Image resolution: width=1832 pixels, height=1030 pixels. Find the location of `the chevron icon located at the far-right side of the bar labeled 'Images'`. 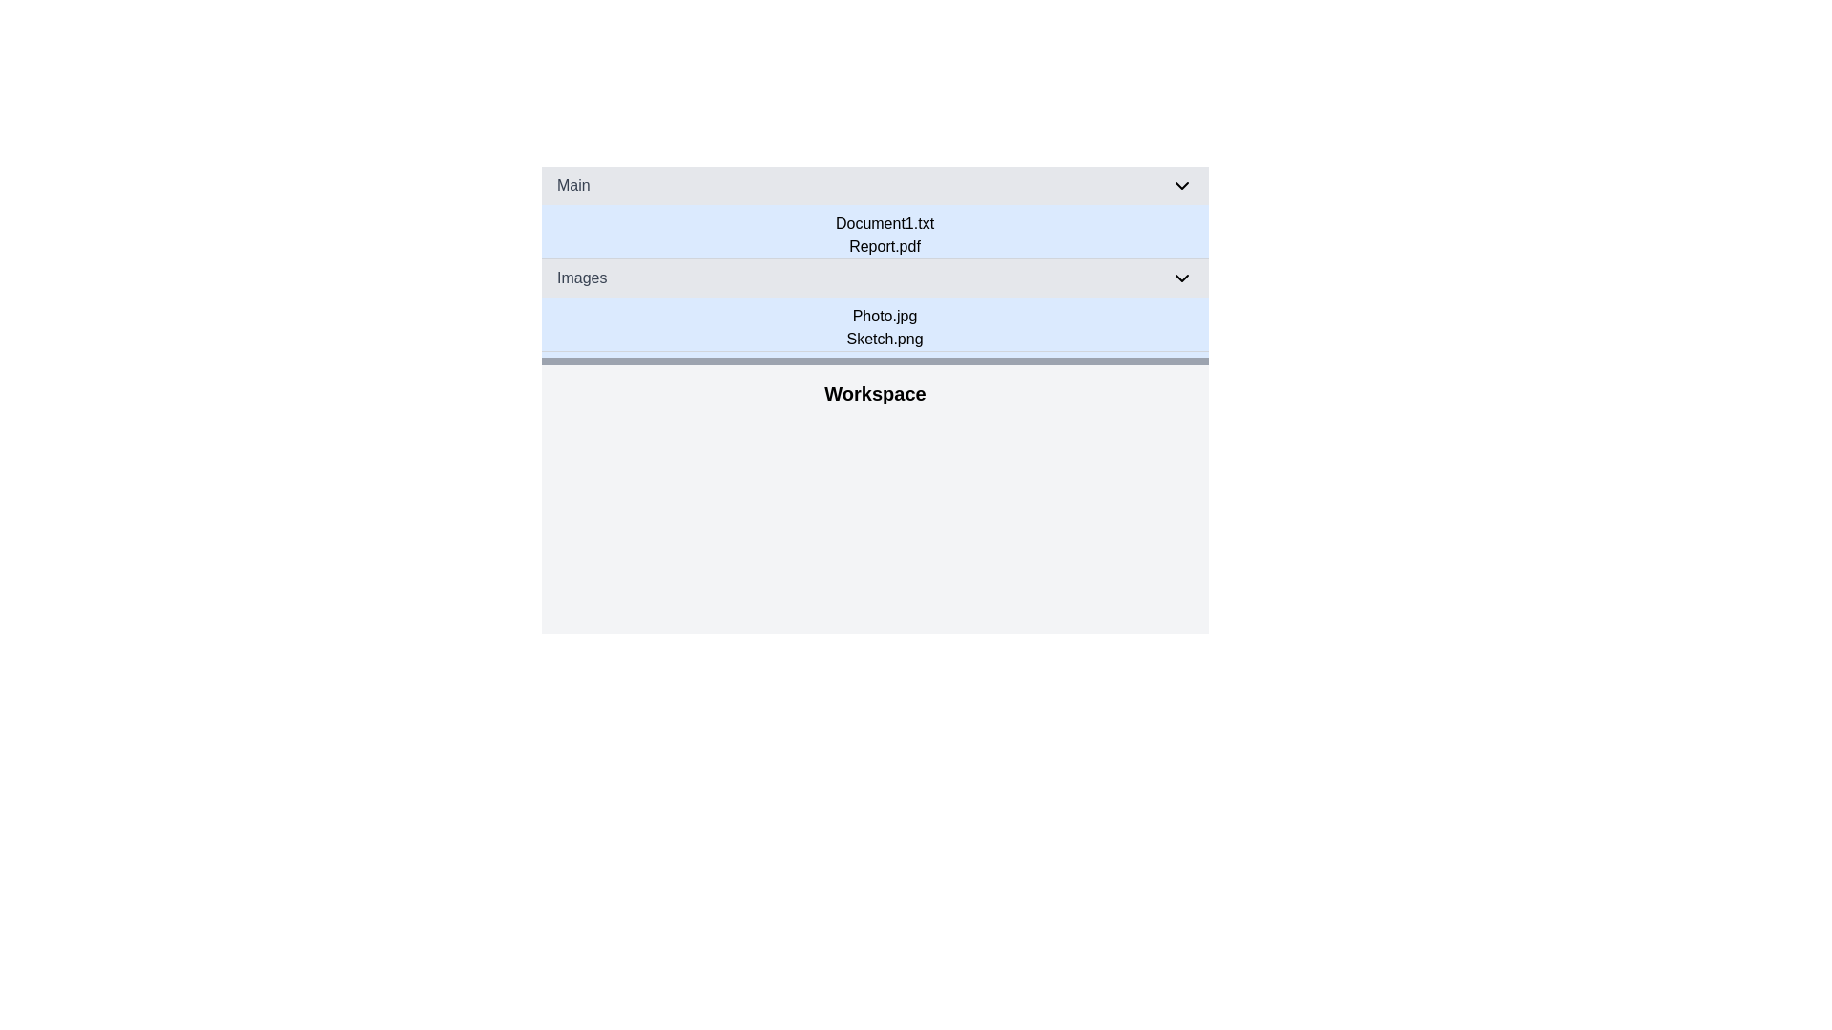

the chevron icon located at the far-right side of the bar labeled 'Images' is located at coordinates (1180, 278).